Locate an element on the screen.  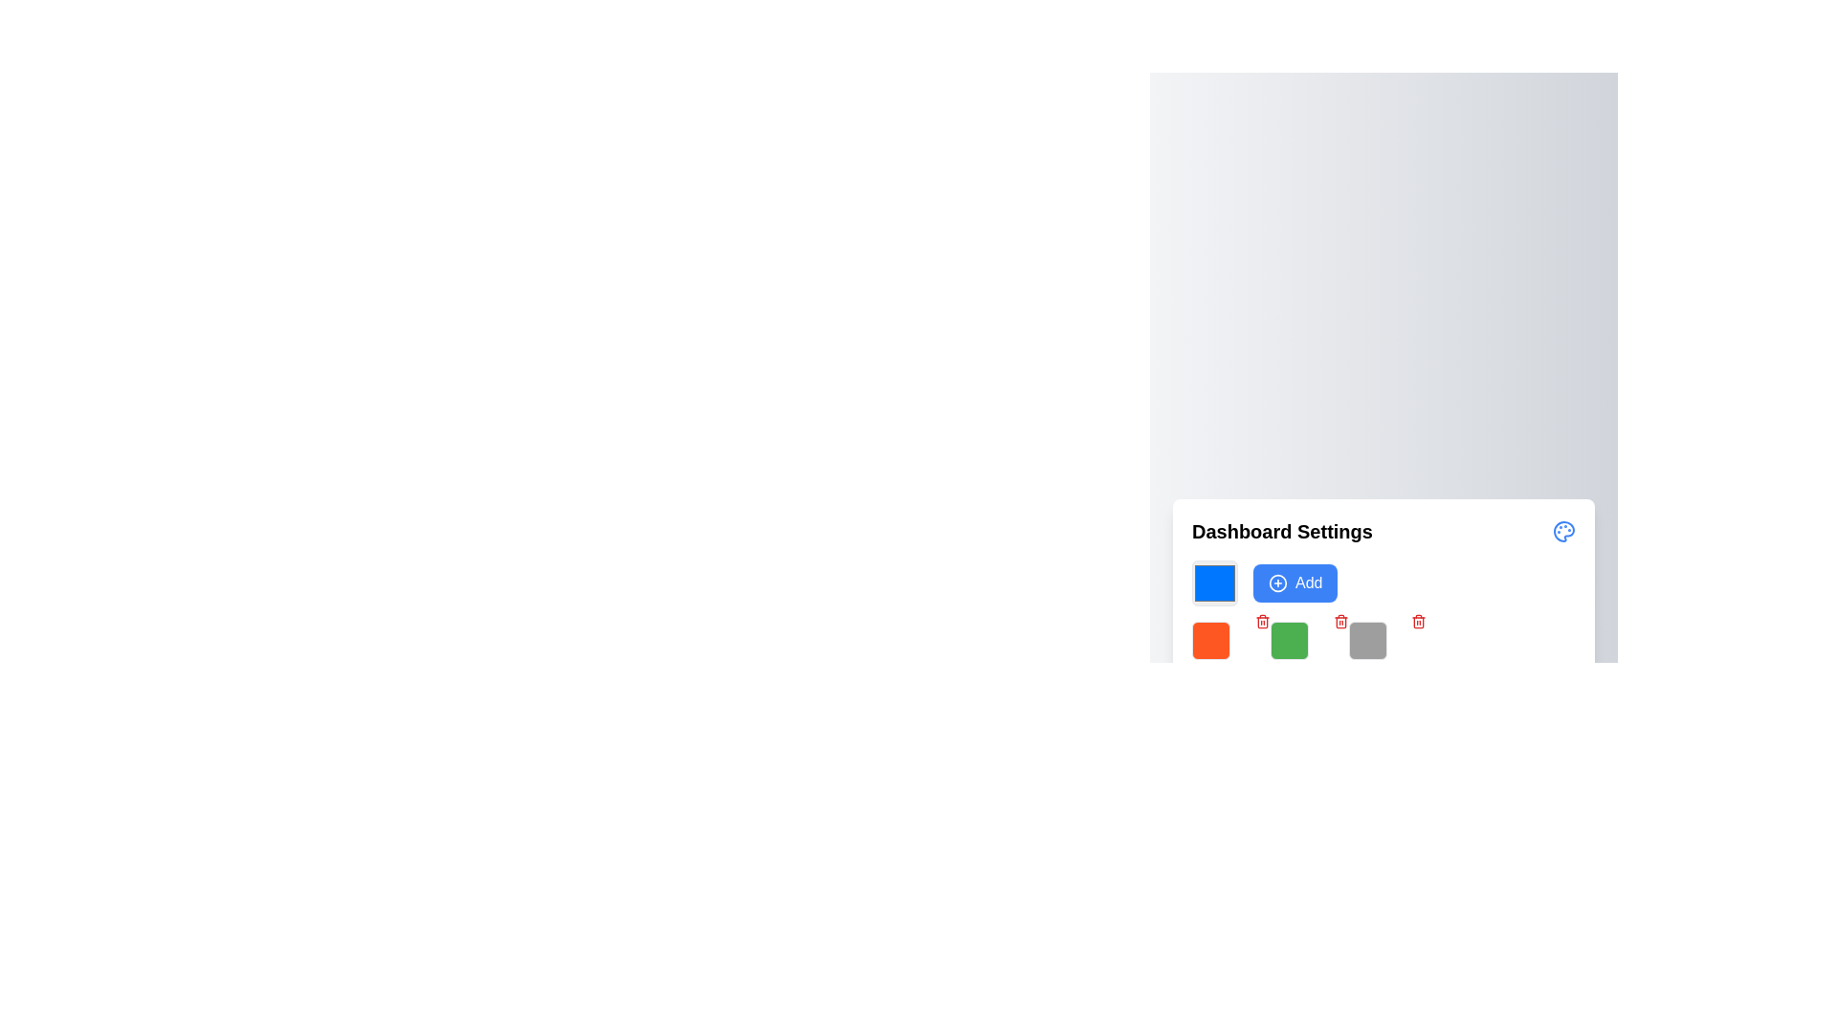
the middle vertical rectangle of the trash bin icon located in the 'Dashboard Settings' section, positioned to the right of the green square is located at coordinates (1339, 623).